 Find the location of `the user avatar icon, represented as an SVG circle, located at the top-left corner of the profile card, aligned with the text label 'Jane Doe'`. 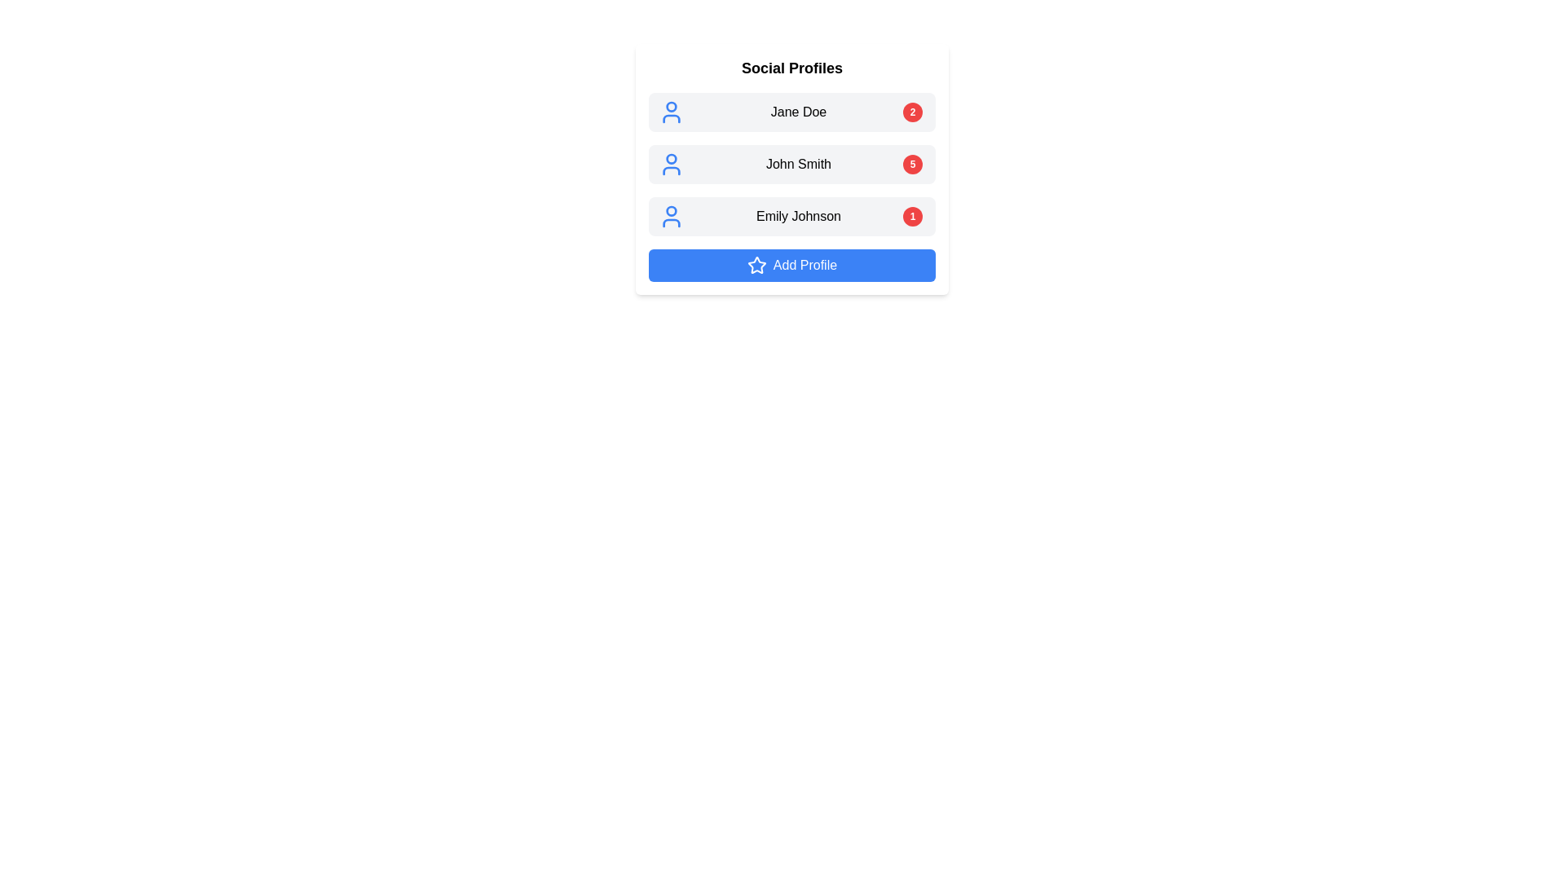

the user avatar icon, represented as an SVG circle, located at the top-left corner of the profile card, aligned with the text label 'Jane Doe' is located at coordinates (672, 107).